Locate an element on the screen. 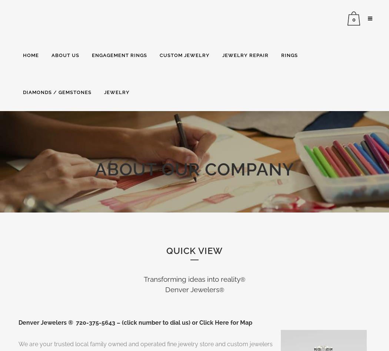 This screenshot has width=389, height=351. '0' is located at coordinates (353, 19).